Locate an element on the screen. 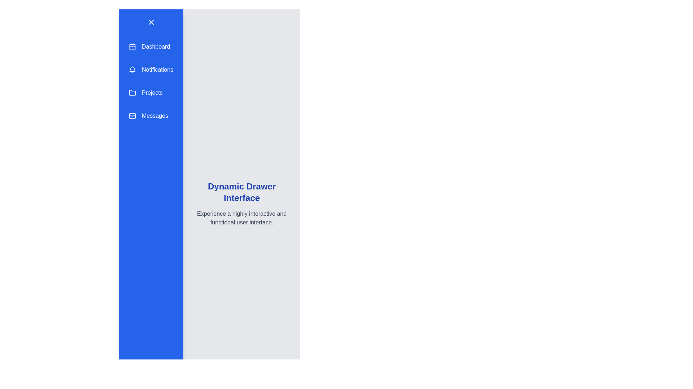 The height and width of the screenshot is (389, 693). the menu item Projects to navigate to the respective section is located at coordinates (151, 93).